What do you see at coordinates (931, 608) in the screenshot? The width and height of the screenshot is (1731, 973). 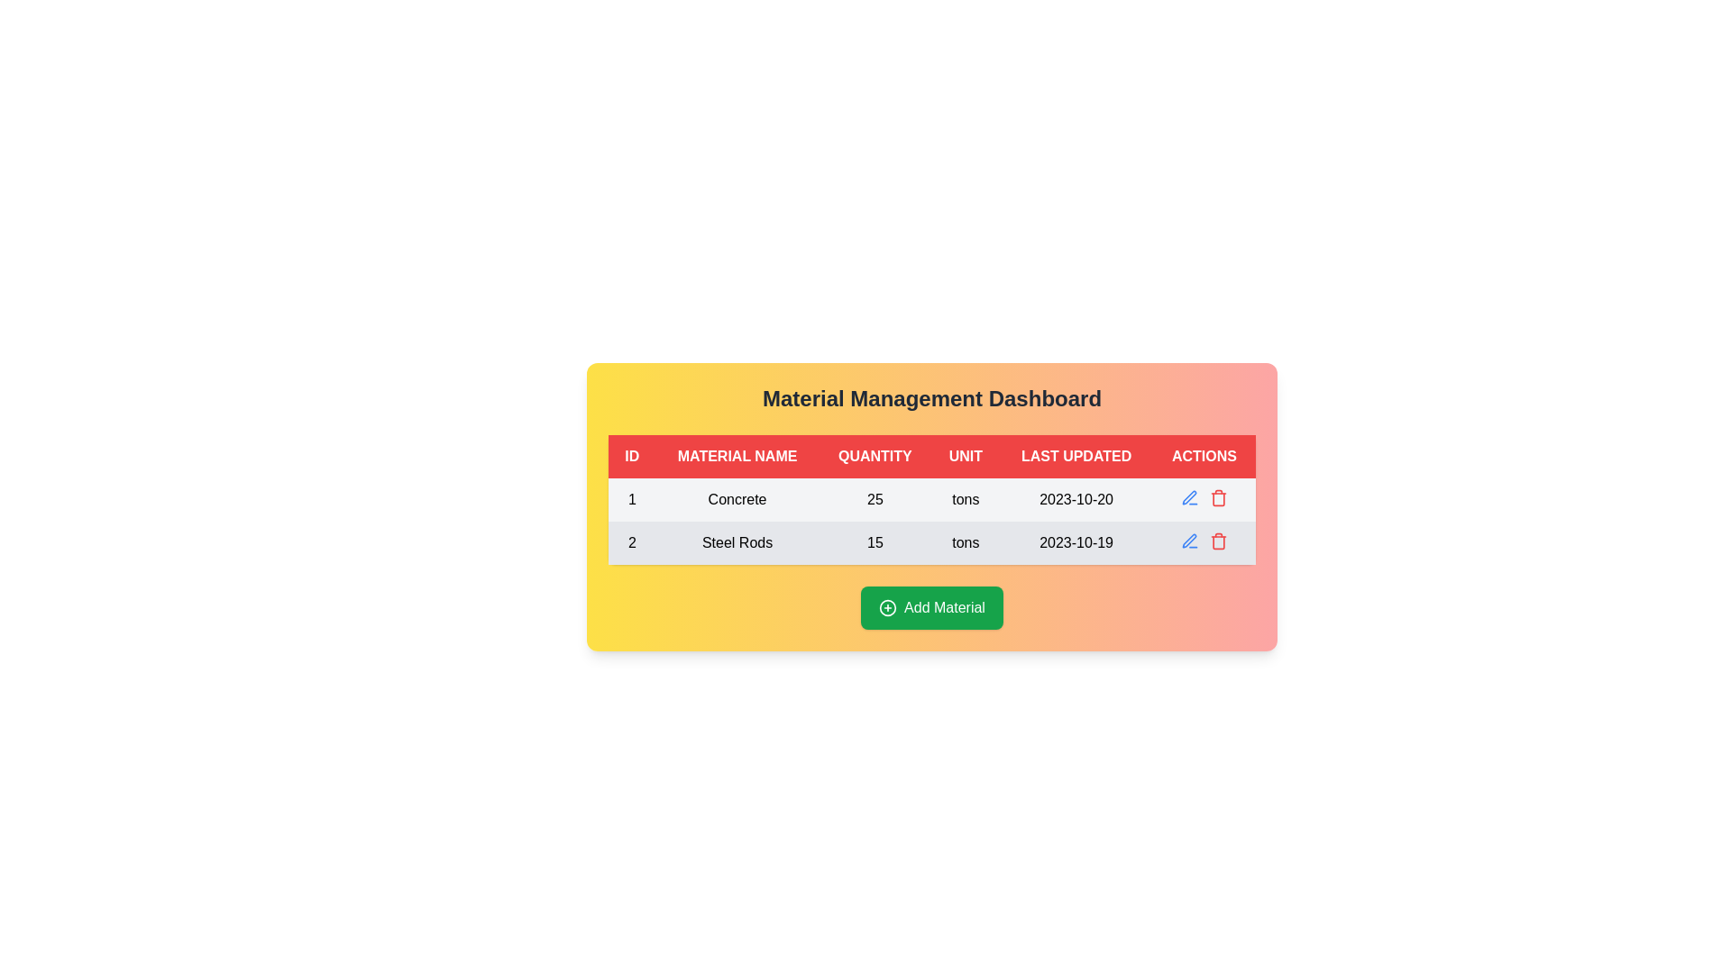 I see `the button located below the material list table in the material management dashboard` at bounding box center [931, 608].